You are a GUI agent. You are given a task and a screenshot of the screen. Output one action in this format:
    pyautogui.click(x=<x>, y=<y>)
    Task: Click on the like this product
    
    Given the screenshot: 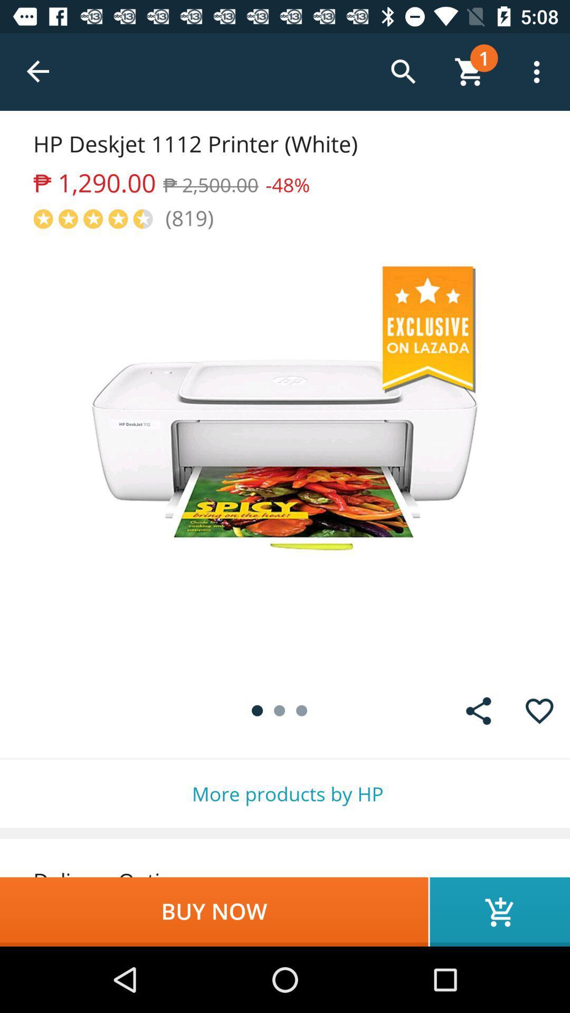 What is the action you would take?
    pyautogui.click(x=539, y=711)
    